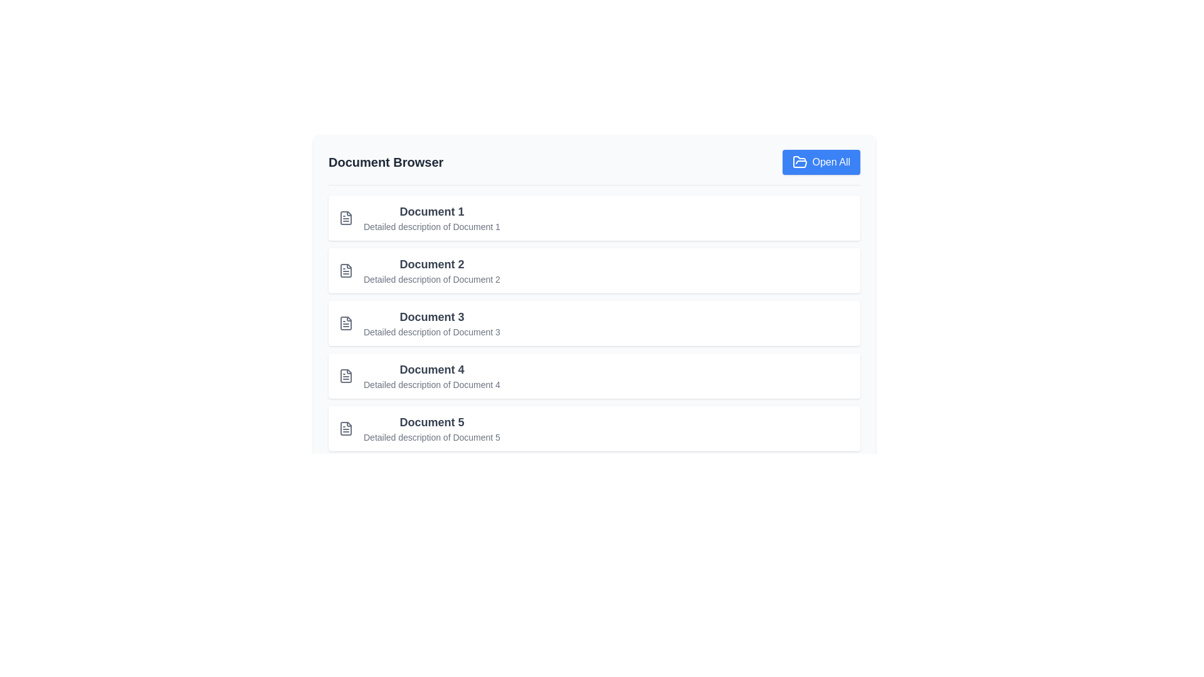 This screenshot has width=1204, height=677. Describe the element at coordinates (431, 331) in the screenshot. I see `the Text label that provides a brief description about 'Document 3', positioned directly below the bold line labeled 'Document 3'` at that location.